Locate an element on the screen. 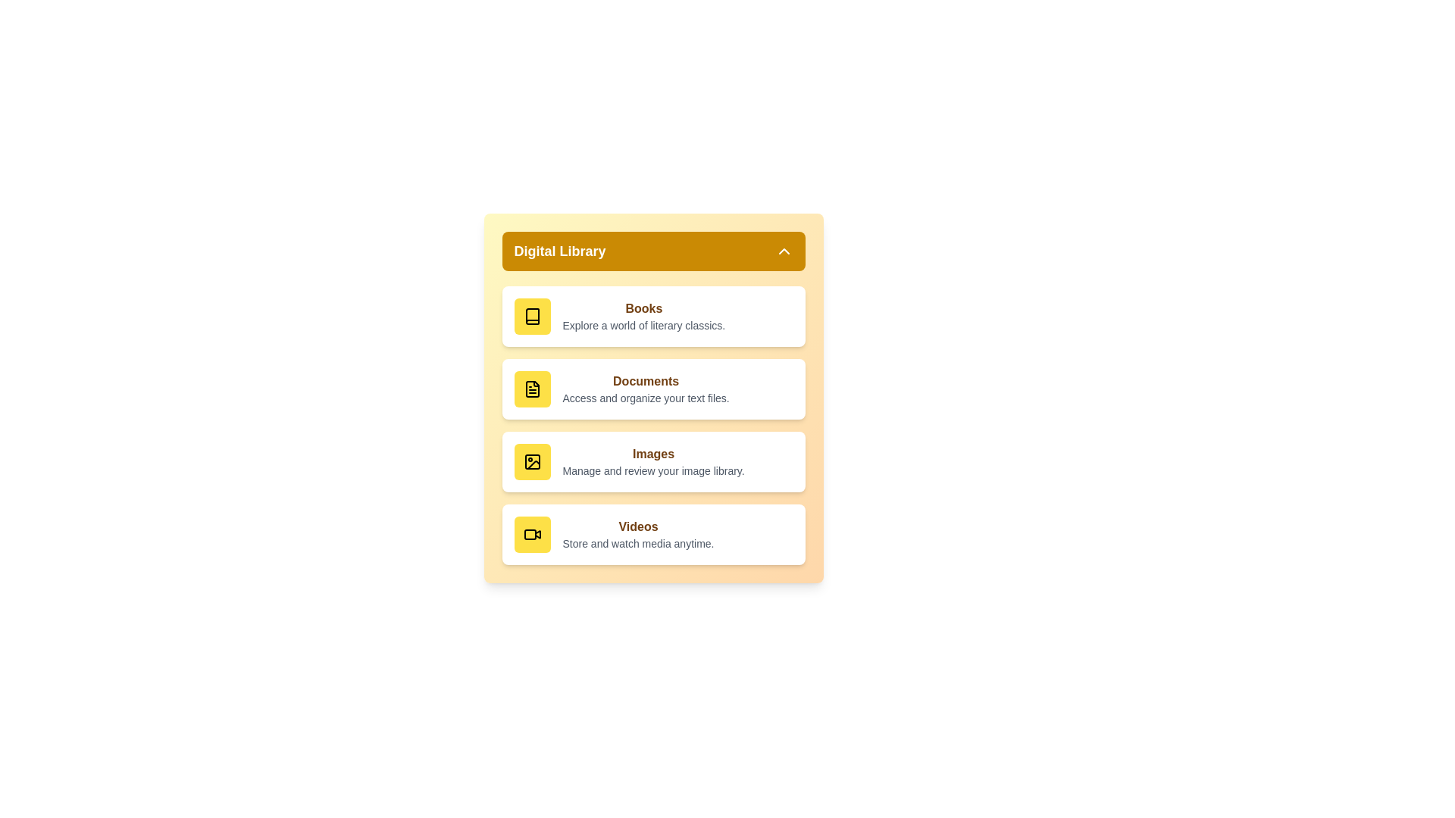 This screenshot has width=1455, height=818. the description of the Images section is located at coordinates (653, 470).